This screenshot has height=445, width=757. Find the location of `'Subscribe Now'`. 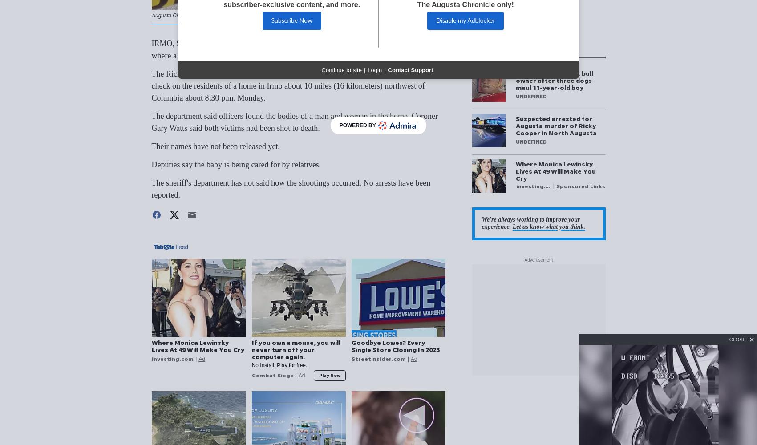

'Subscribe Now' is located at coordinates (291, 21).